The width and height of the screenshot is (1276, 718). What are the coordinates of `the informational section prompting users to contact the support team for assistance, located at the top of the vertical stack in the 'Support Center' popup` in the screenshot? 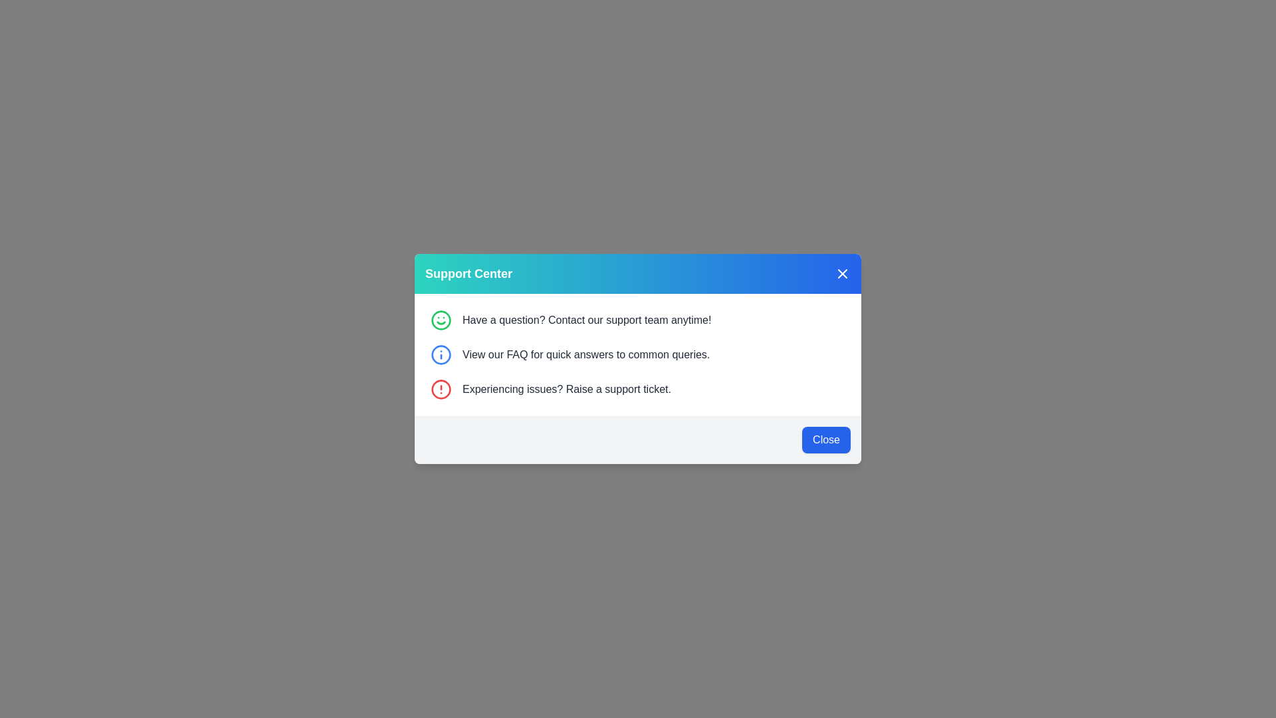 It's located at (638, 320).